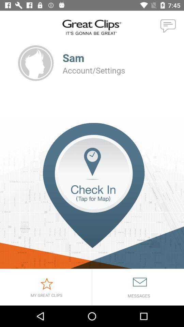 The width and height of the screenshot is (184, 327). What do you see at coordinates (138, 287) in the screenshot?
I see `messages` at bounding box center [138, 287].